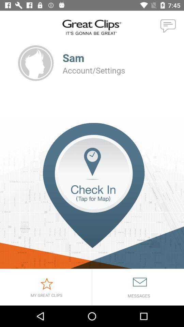 The width and height of the screenshot is (184, 327). What do you see at coordinates (138, 287) in the screenshot?
I see `messages` at bounding box center [138, 287].